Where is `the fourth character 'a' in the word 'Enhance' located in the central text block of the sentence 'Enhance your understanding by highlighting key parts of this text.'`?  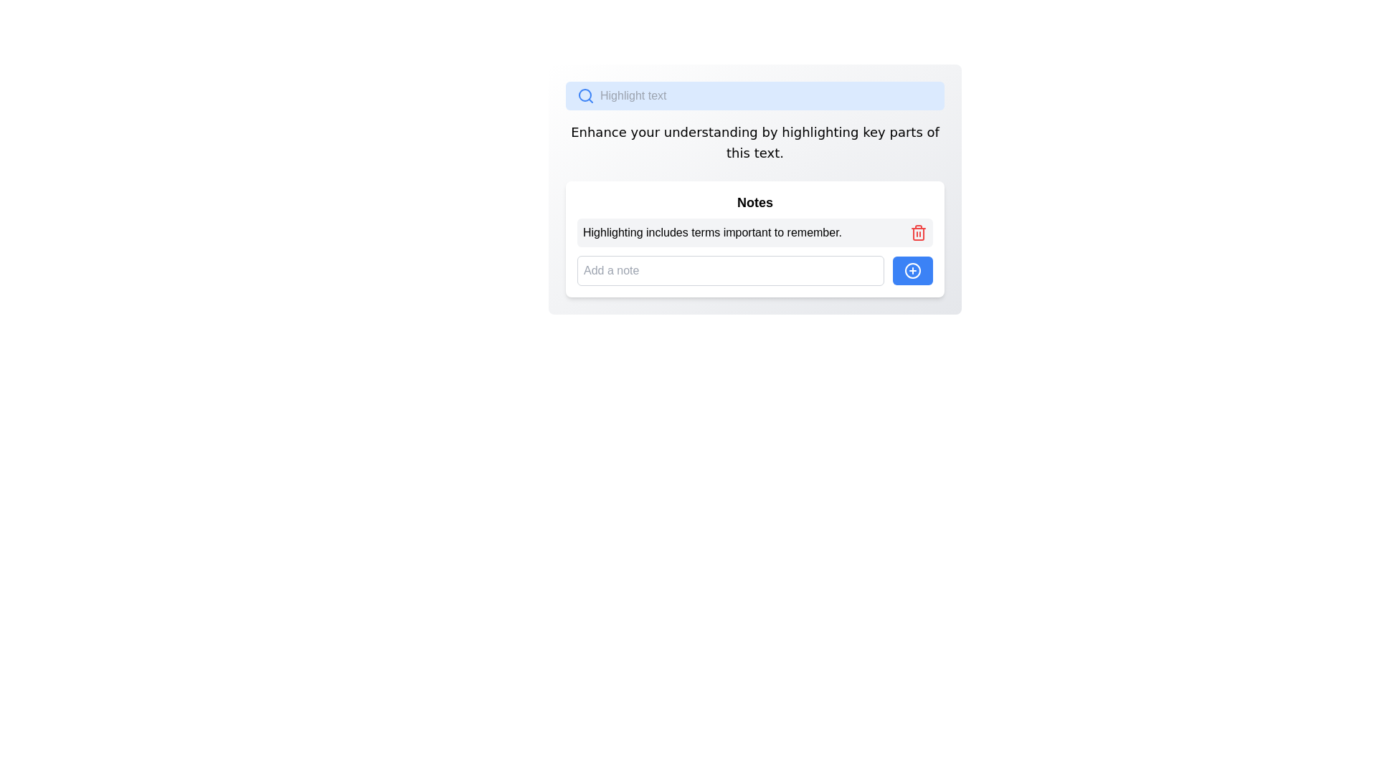 the fourth character 'a' in the word 'Enhance' located in the central text block of the sentence 'Enhance your understanding by highlighting key parts of this text.' is located at coordinates (591, 132).